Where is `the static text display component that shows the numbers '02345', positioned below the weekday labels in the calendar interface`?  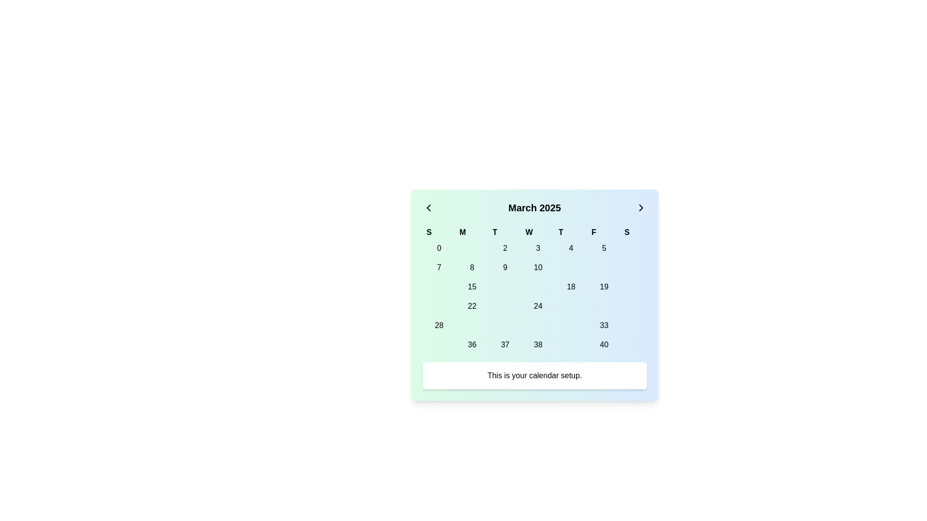 the static text display component that shows the numbers '02345', positioned below the weekday labels in the calendar interface is located at coordinates (534, 248).